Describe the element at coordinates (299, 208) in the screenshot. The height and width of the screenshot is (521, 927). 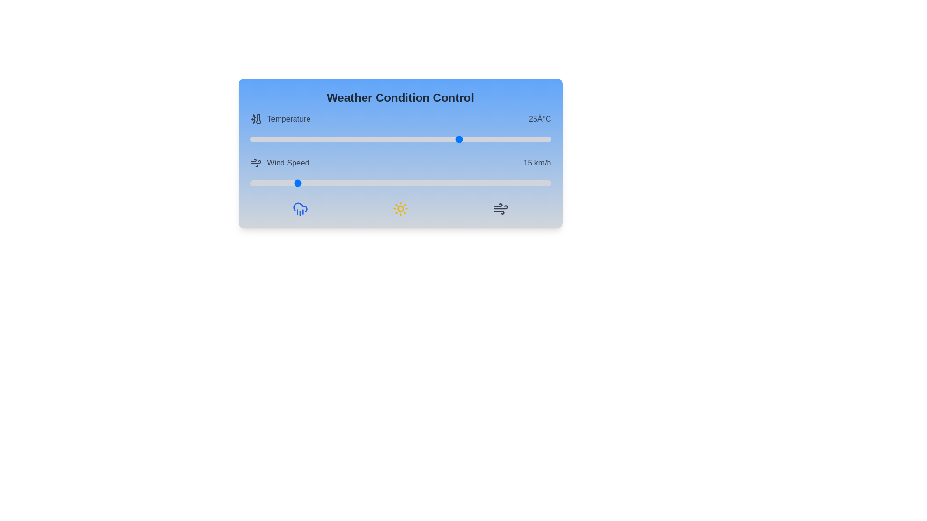
I see `the cloud rain icon in the WeatherConditionControl component` at that location.